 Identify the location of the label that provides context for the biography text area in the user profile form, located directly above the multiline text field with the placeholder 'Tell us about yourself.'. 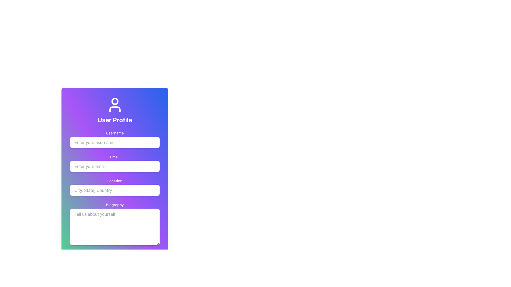
(114, 205).